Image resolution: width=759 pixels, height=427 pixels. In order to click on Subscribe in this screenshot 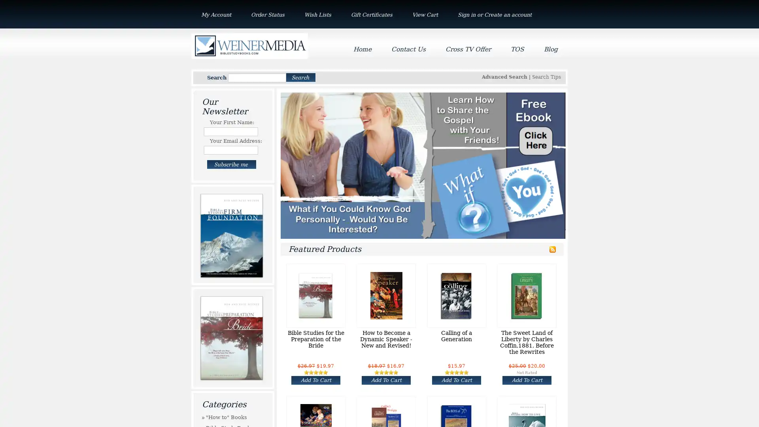, I will do `click(231, 164)`.